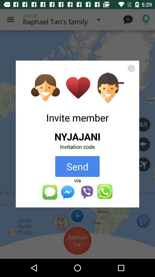 This screenshot has width=155, height=277. What do you see at coordinates (77, 192) in the screenshot?
I see `the icon below via` at bounding box center [77, 192].